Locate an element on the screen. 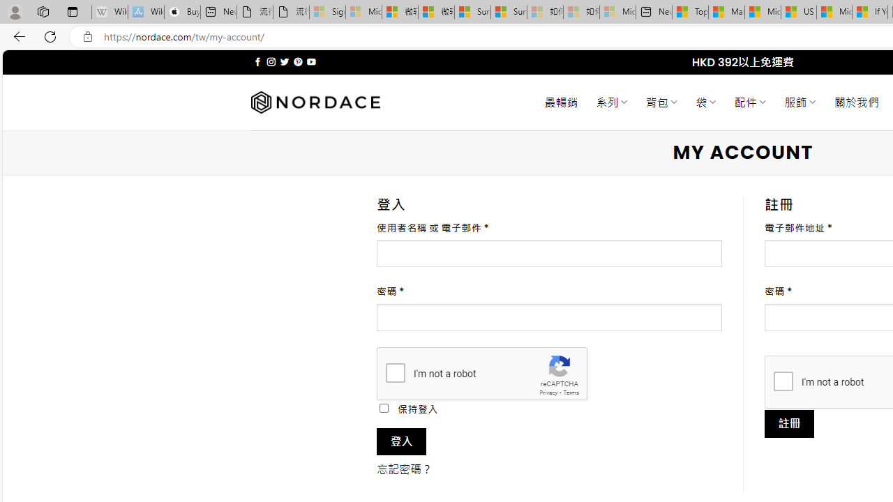  'US Heat Deaths Soared To Record High Last Year' is located at coordinates (798, 12).